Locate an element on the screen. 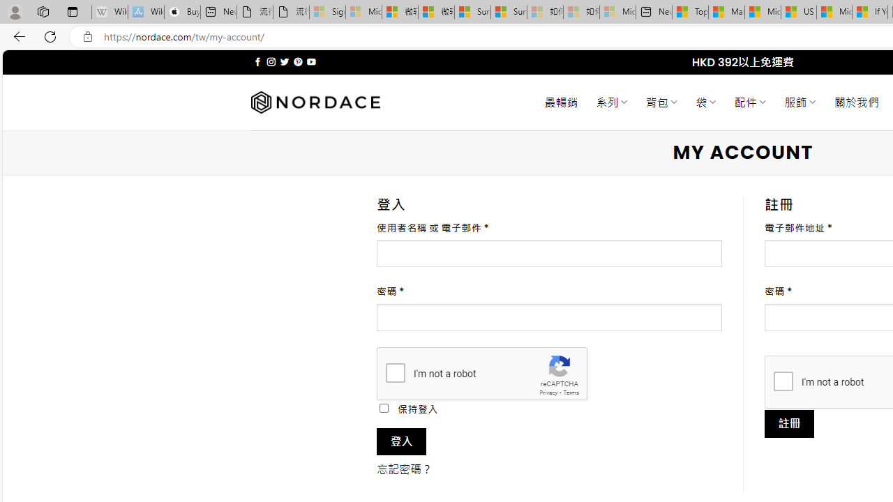  'US Heat Deaths Soared To Record High Last Year' is located at coordinates (798, 12).